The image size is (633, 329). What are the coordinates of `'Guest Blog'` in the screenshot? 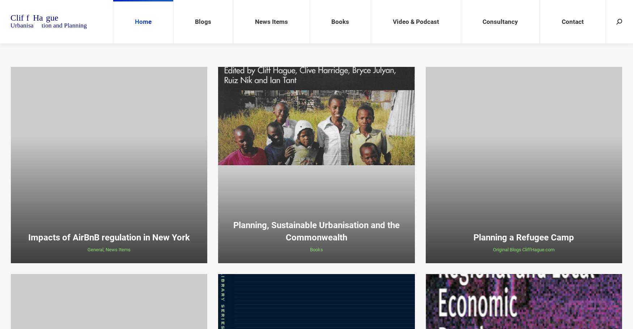 It's located at (191, 85).